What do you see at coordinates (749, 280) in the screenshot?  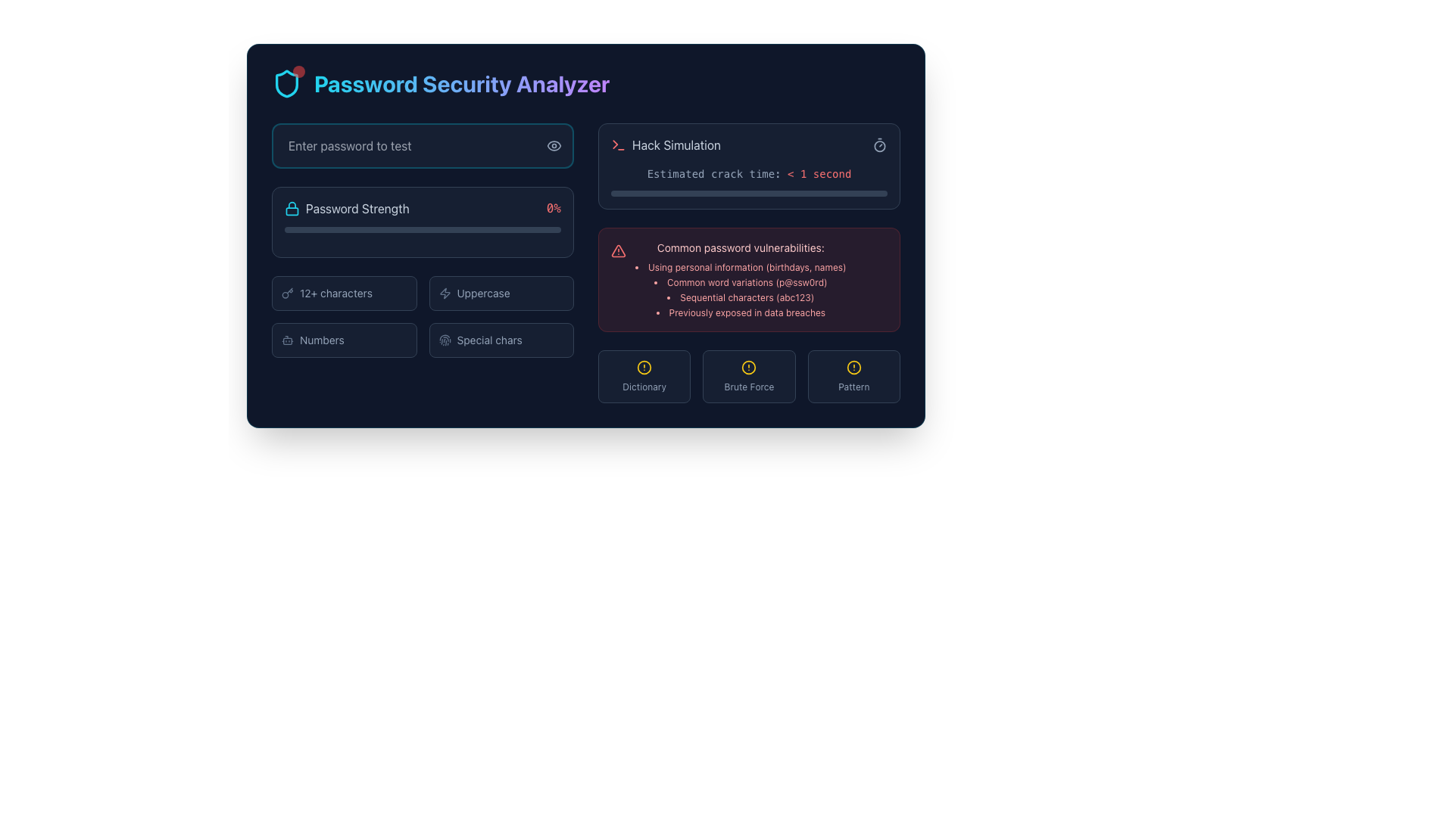 I see `informative panel containing the warning symbol icon and the text 'Common password vulnerabilities:' along with its bulleted list of examples, located in the highlighted section on the right half of the interface, below the hack simulation area` at bounding box center [749, 280].